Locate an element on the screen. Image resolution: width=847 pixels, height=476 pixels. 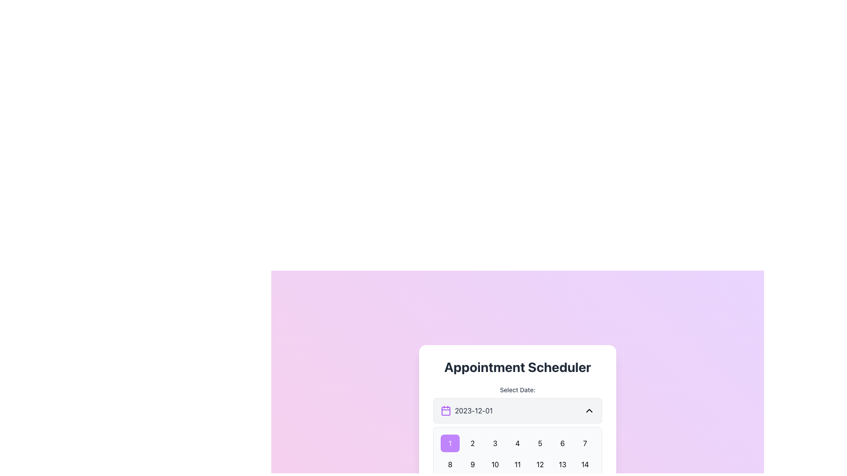
the calendar icon located in the top-left corner of the date display area next to the date '2023-12-01' is located at coordinates (446, 411).